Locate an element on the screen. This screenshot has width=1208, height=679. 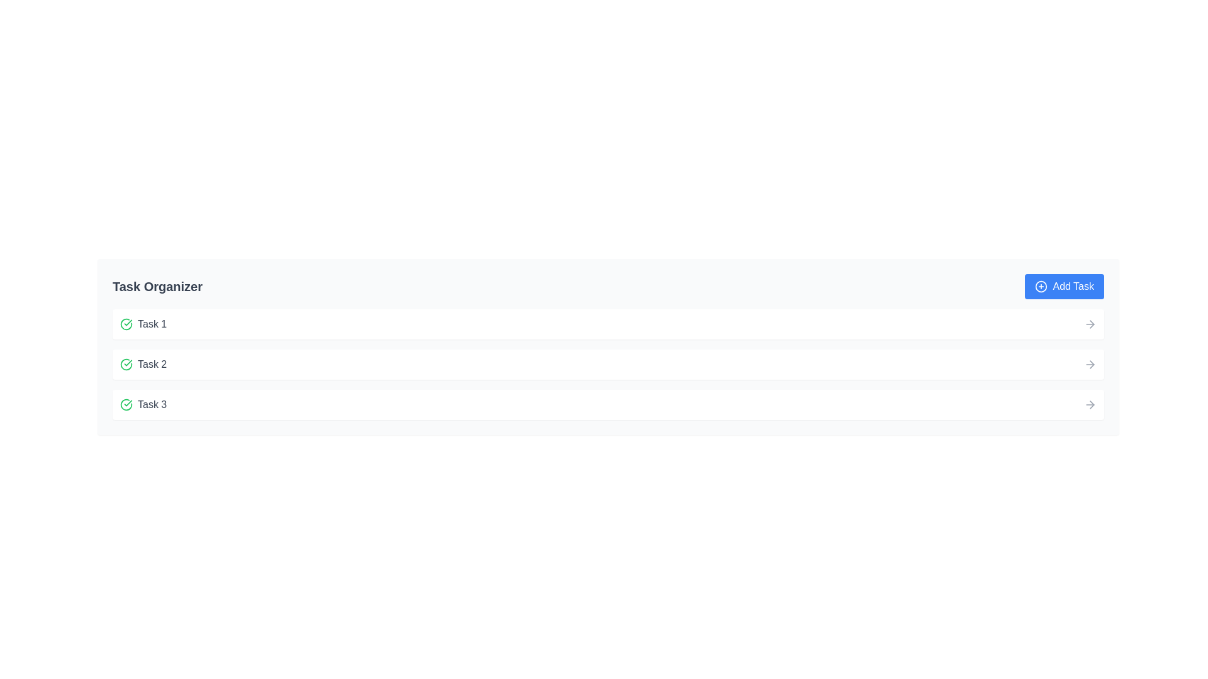
the text label that identifies the third task in the task list, located between 'Task 2' and the final arrow button, adjacent to a green checkmark icon is located at coordinates (152, 405).